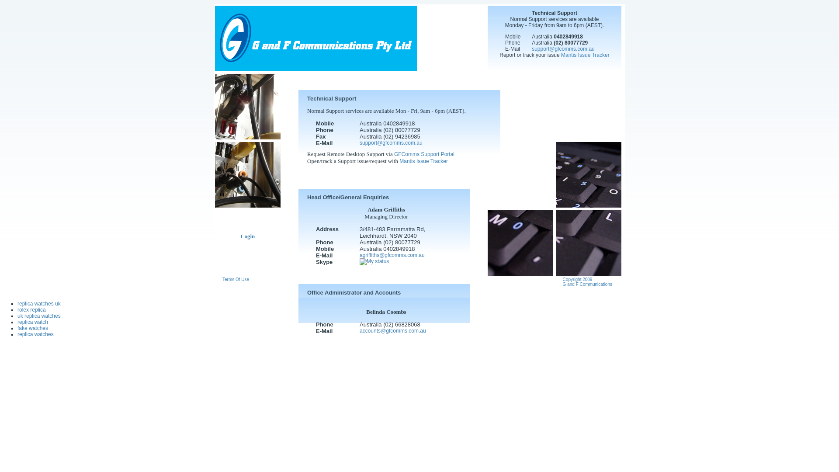  Describe the element at coordinates (35, 334) in the screenshot. I see `'replica watches'` at that location.